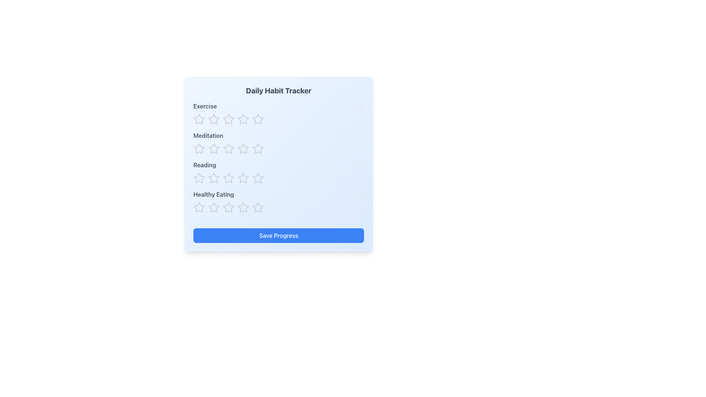 The width and height of the screenshot is (706, 397). Describe the element at coordinates (258, 207) in the screenshot. I see `the fifth Rating Star Icon with a hollow gray outline in the 'Healthy Eating' rating row` at that location.